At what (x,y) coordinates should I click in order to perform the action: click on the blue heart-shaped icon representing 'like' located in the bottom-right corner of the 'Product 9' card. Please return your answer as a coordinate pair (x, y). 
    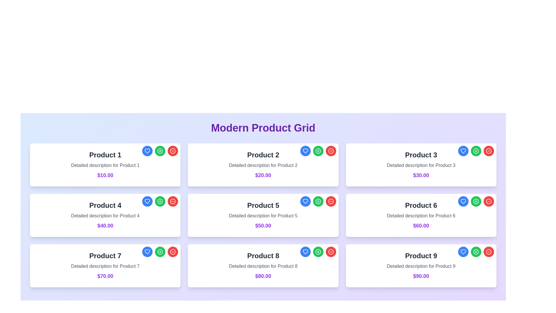
    Looking at the image, I should click on (463, 201).